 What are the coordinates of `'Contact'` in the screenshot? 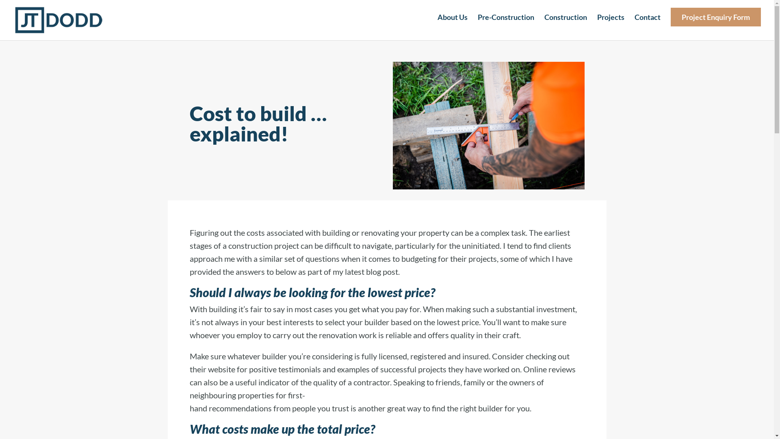 It's located at (647, 24).